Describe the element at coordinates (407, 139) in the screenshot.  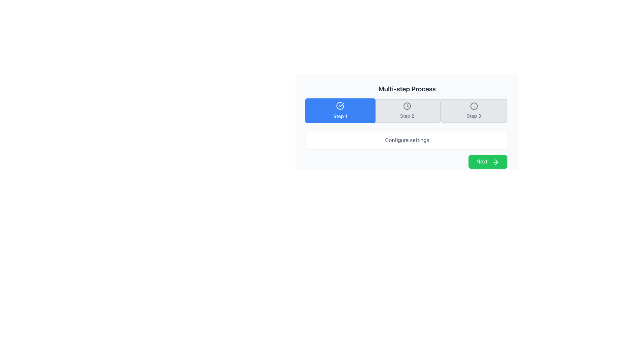
I see `the 'Configure settings' text label, which is a rectangular area with a white background and gray border, located beneath the step navigation bar and above the green 'Next' button` at that location.